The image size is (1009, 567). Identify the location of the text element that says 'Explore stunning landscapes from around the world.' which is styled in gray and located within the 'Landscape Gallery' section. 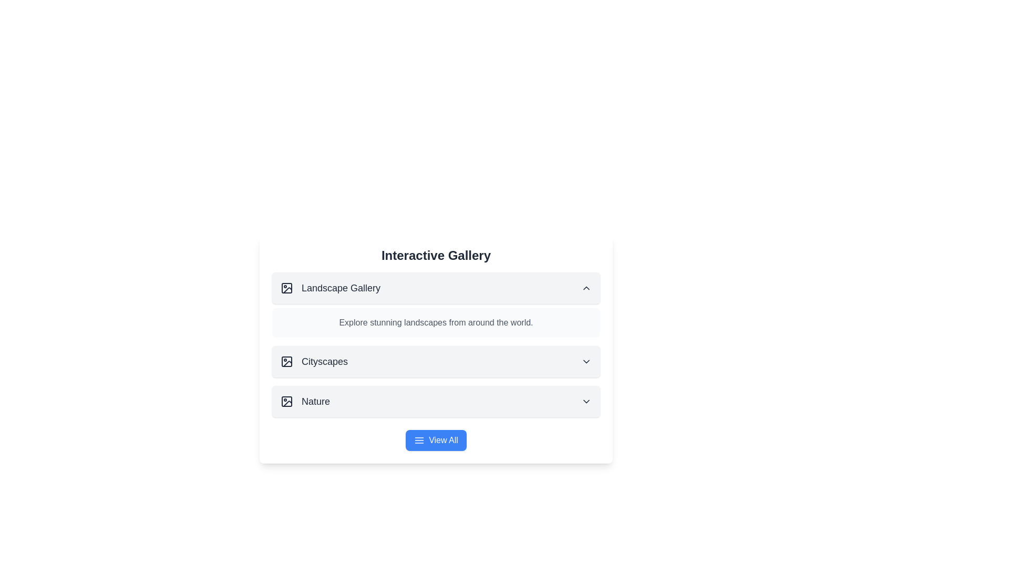
(436, 322).